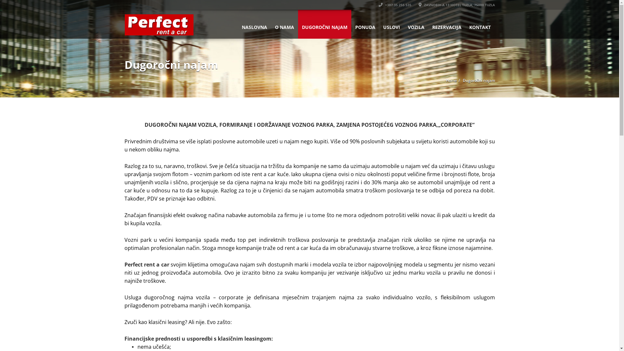 The width and height of the screenshot is (624, 351). I want to click on 'PONUDA', so click(365, 24).